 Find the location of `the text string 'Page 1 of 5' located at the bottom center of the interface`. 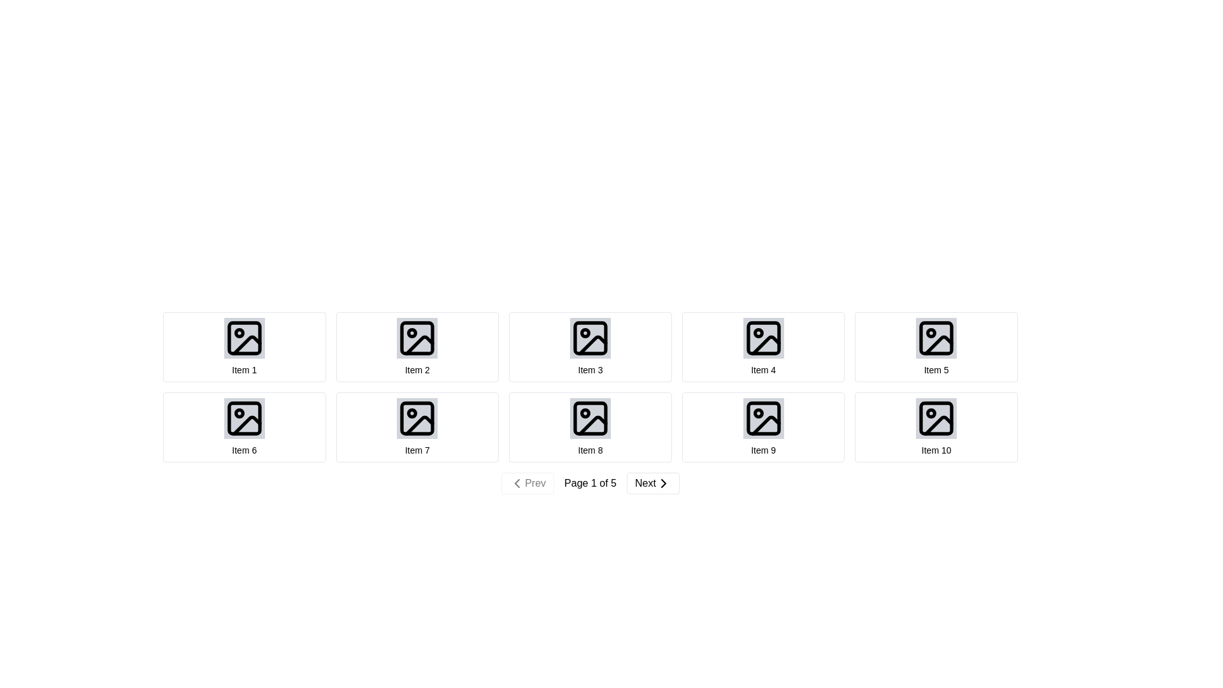

the text string 'Page 1 of 5' located at the bottom center of the interface is located at coordinates (589, 484).